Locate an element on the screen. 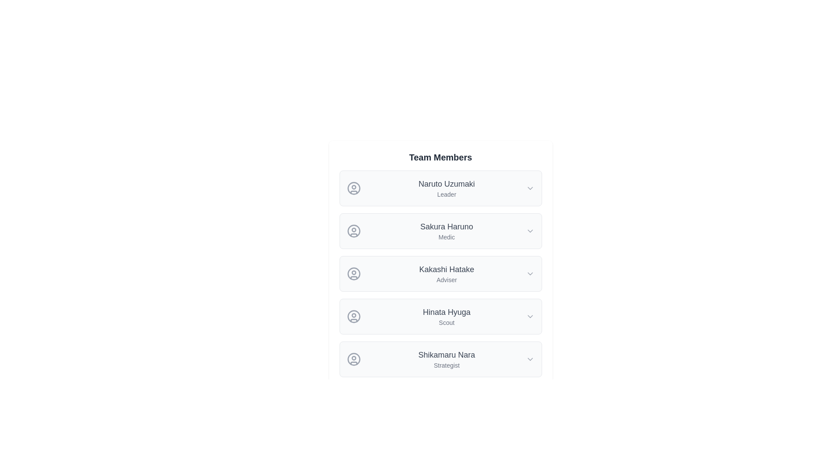 This screenshot has width=838, height=471. the Dropdown toggle button (chevron icon) located at the rightmost part of the row containing 'Shikamaru Nara' is located at coordinates (529, 359).